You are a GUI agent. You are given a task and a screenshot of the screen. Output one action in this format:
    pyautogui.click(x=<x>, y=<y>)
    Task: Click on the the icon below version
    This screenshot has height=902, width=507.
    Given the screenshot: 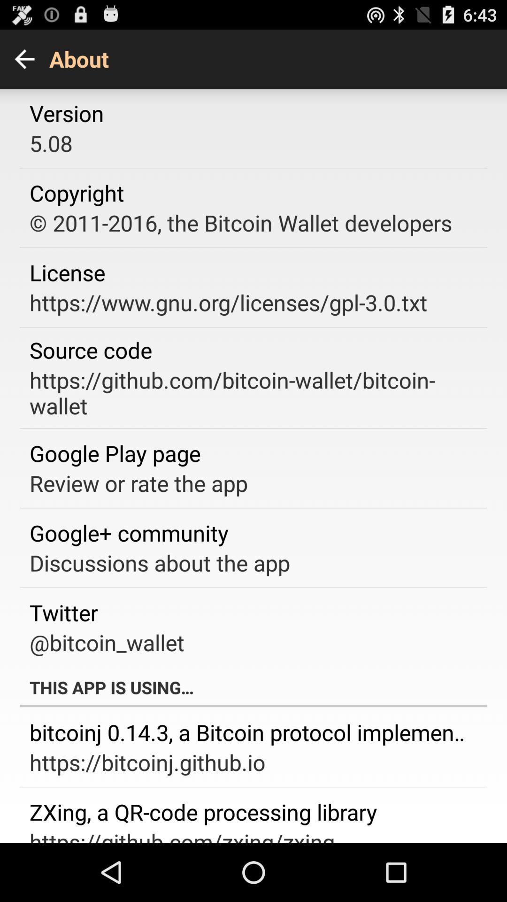 What is the action you would take?
    pyautogui.click(x=51, y=142)
    